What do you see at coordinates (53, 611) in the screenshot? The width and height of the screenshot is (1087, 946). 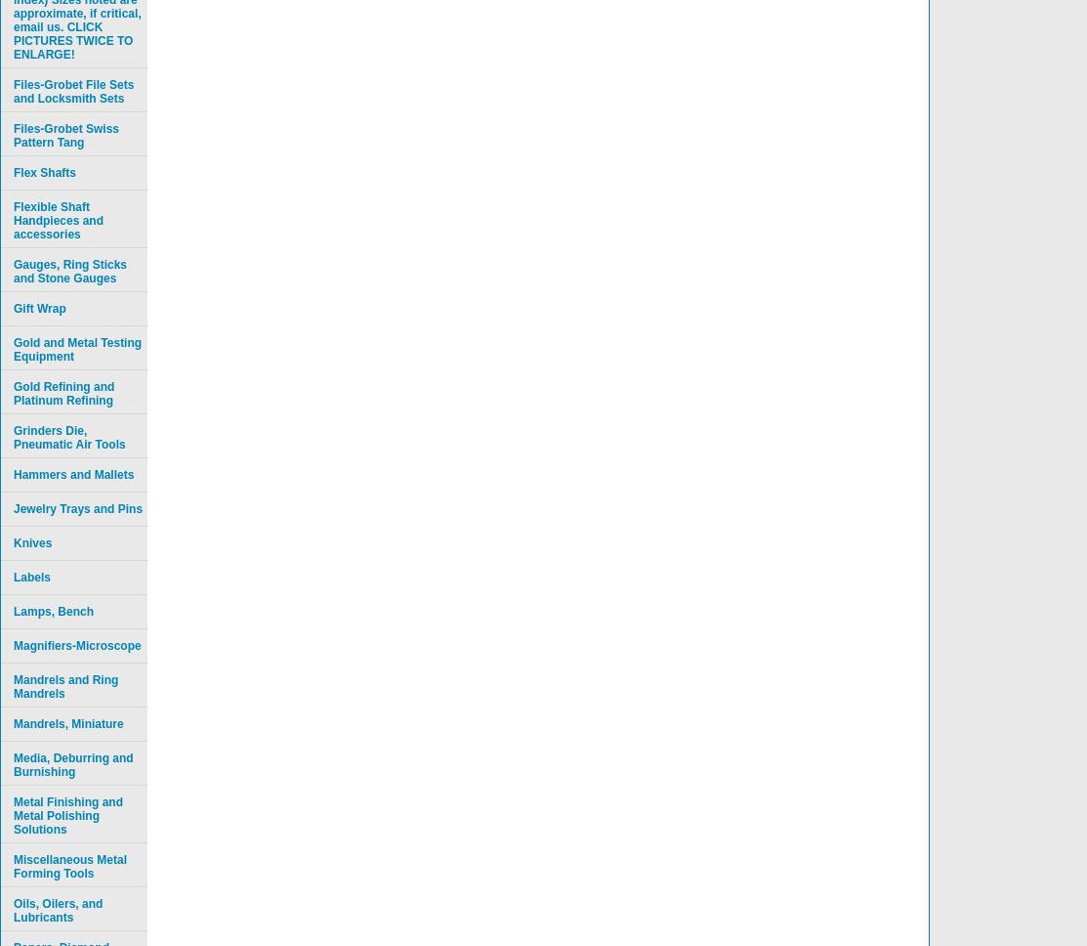 I see `'Lamps, Bench'` at bounding box center [53, 611].